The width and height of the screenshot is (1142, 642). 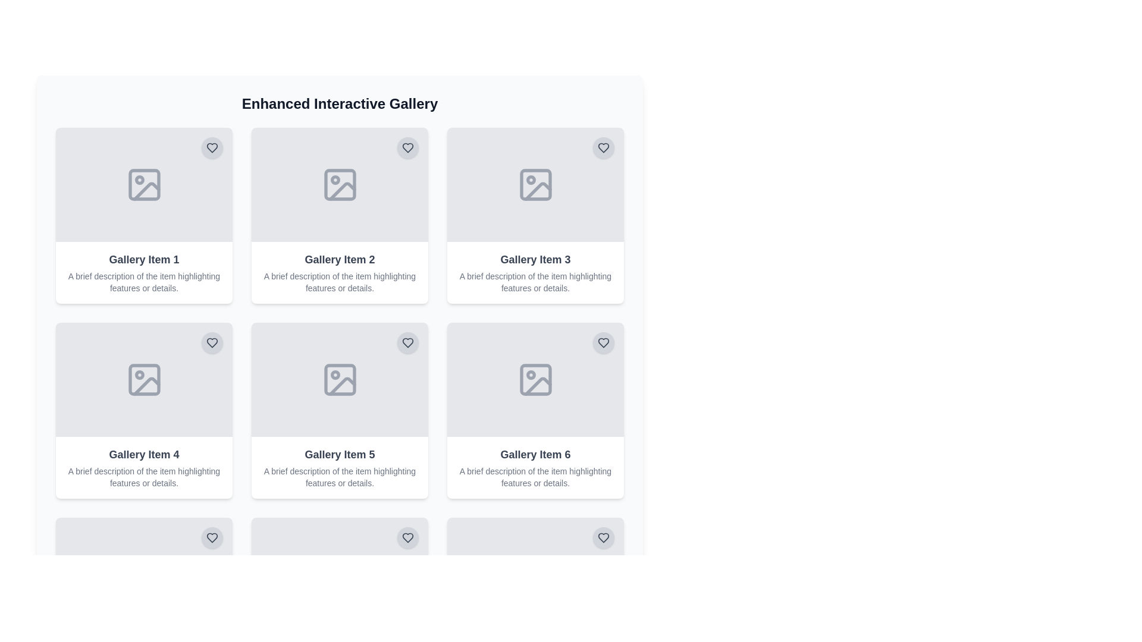 What do you see at coordinates (535, 185) in the screenshot?
I see `the placeholder image located at the top section of the gallery card labeled 'Gallery Item 3' to interact with the gallery item` at bounding box center [535, 185].